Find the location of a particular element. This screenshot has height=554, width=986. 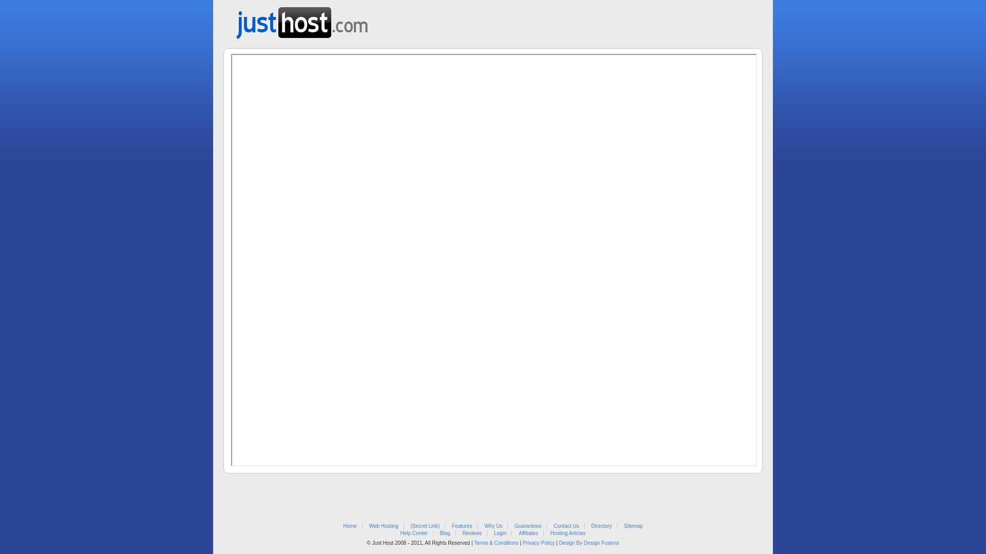

'Hosting Articles' is located at coordinates (567, 532).